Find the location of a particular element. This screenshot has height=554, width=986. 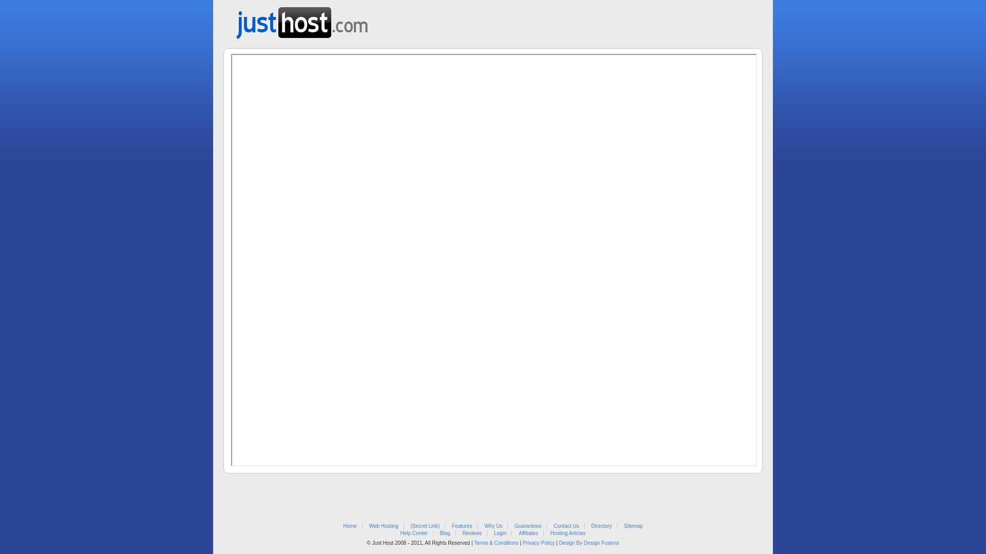

'Hosting Articles' is located at coordinates (567, 532).